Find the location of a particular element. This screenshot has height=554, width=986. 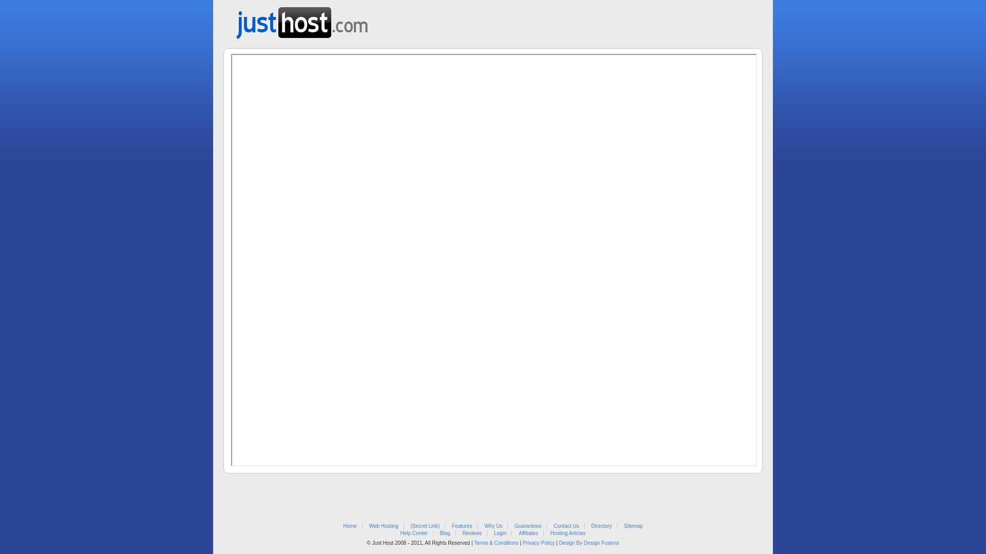

'Hosting Articles' is located at coordinates (567, 532).